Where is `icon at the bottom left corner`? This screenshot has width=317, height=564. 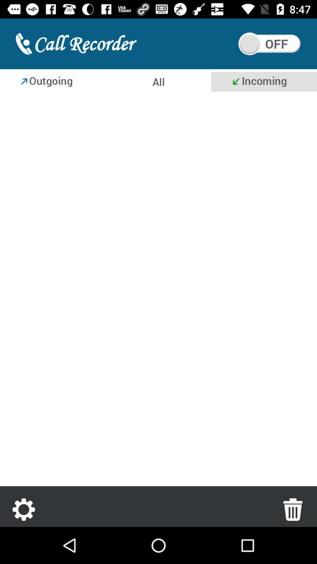
icon at the bottom left corner is located at coordinates (23, 509).